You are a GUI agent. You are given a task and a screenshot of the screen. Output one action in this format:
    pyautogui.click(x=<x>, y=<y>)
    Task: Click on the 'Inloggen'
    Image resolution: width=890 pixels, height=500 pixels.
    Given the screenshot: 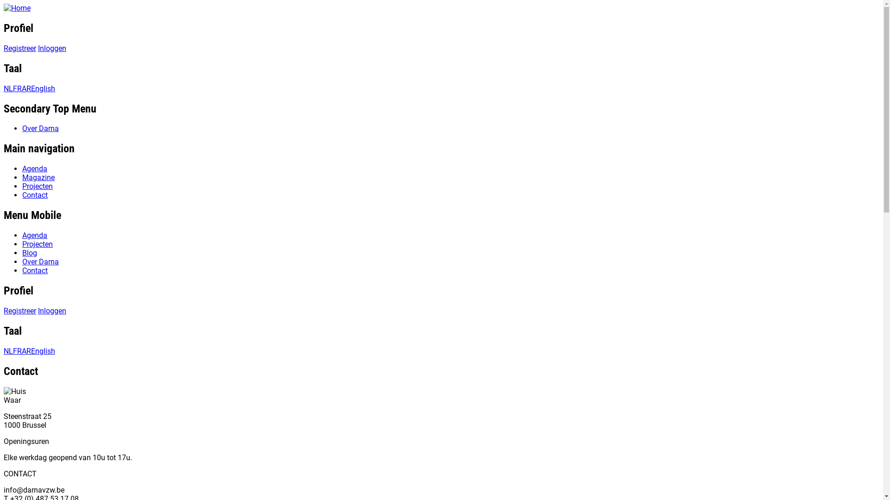 What is the action you would take?
    pyautogui.click(x=51, y=48)
    